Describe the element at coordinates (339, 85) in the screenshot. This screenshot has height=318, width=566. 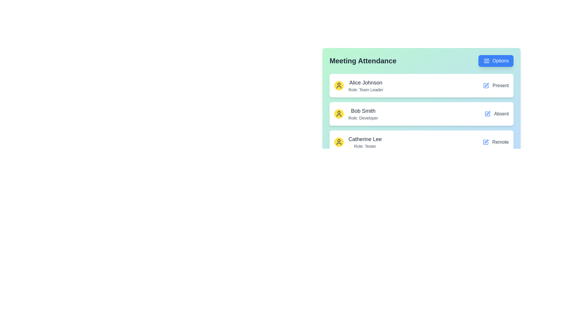
I see `the user profile icon representing 'Alice Johnson', which is the first visual element in the section containing her name and role as 'Team Leader'` at that location.